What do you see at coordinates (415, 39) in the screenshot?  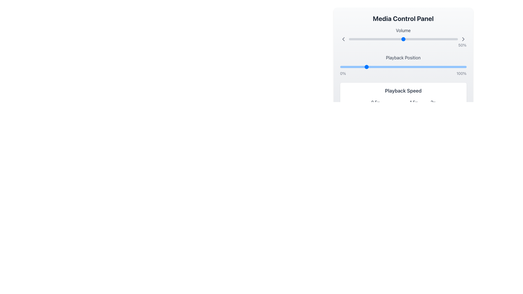 I see `volume` at bounding box center [415, 39].